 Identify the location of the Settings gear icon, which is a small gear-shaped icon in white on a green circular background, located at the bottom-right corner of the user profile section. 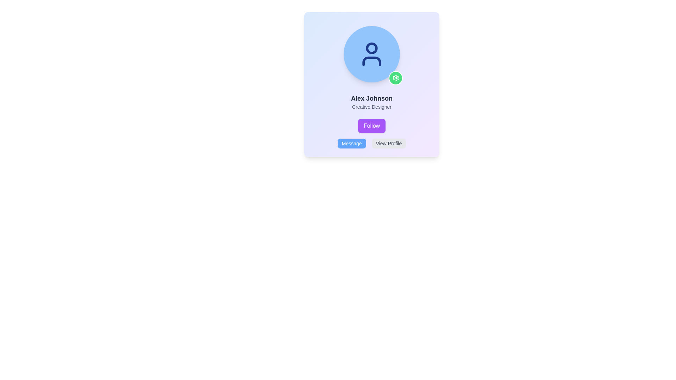
(395, 78).